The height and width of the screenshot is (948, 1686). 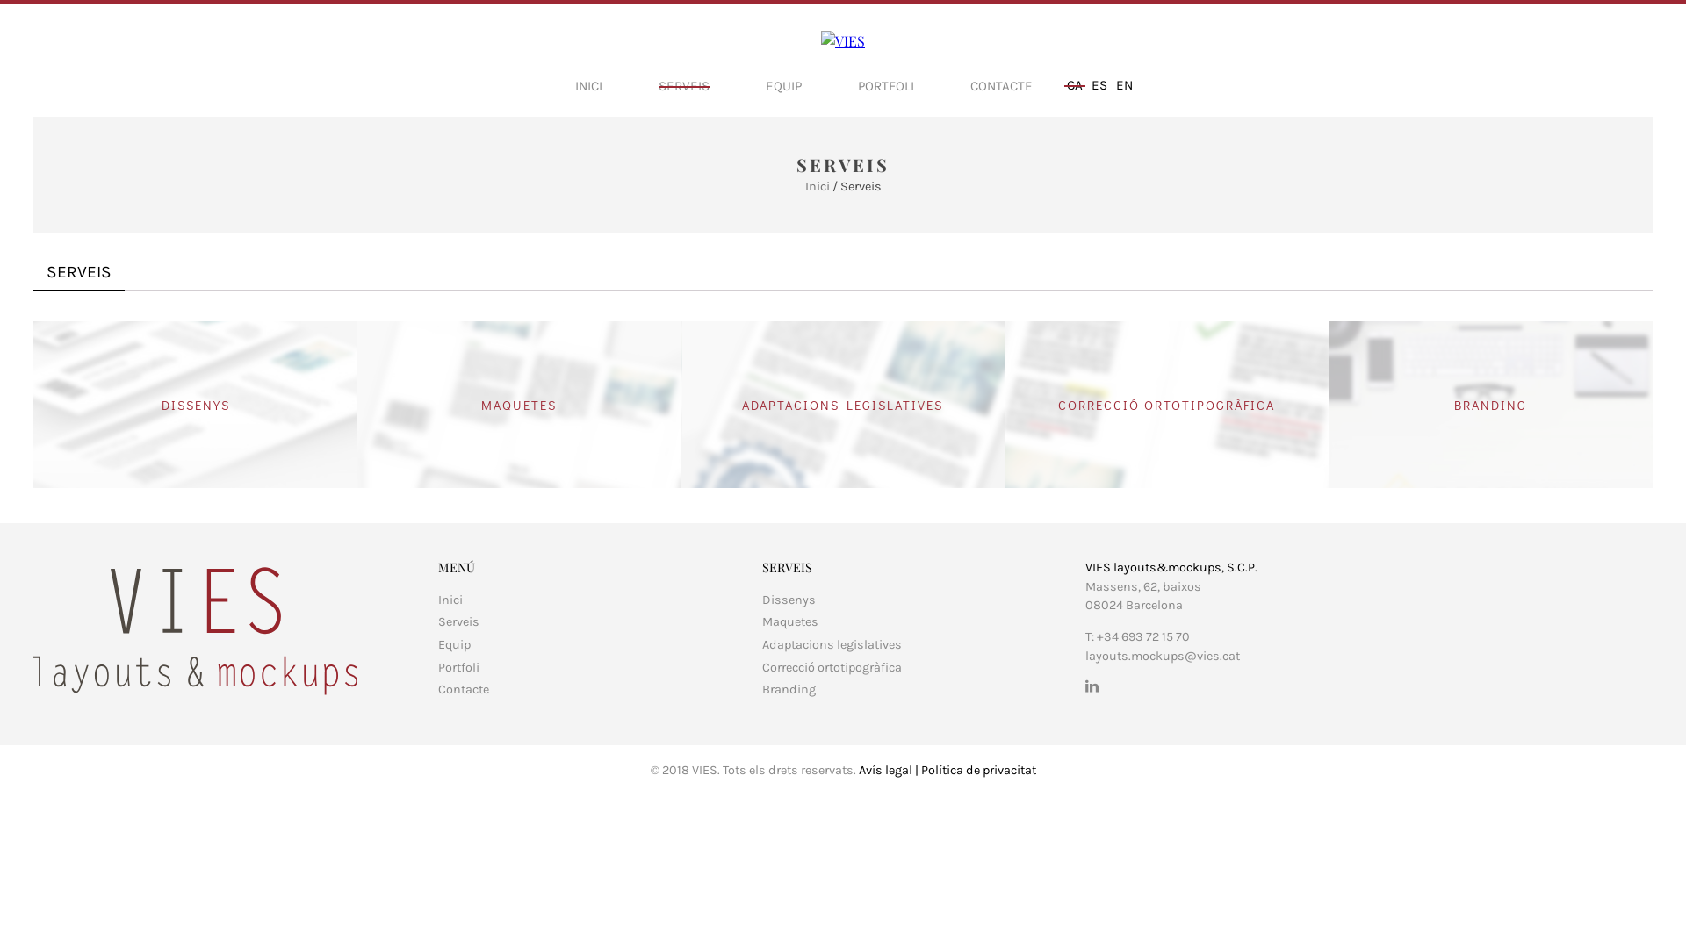 I want to click on 'ADAPTACIONS LEGISLATIVES', so click(x=843, y=405).